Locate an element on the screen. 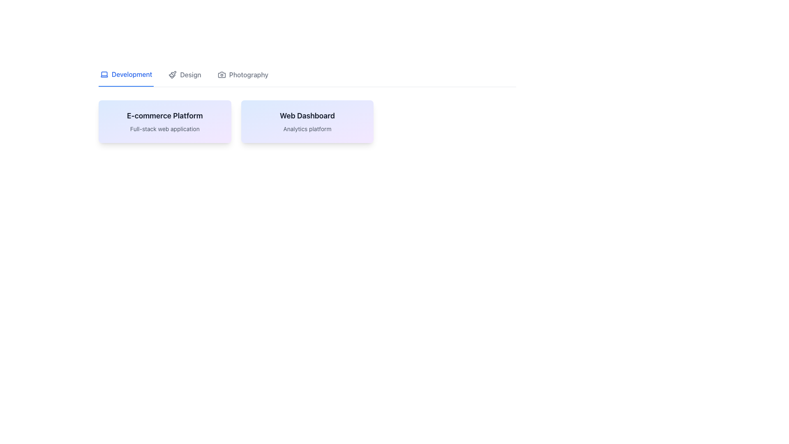 The image size is (789, 444). the text label reading 'Web Dashboard', which is styled with a larger font size and bold typography, located at the top center of the card layout is located at coordinates (307, 116).